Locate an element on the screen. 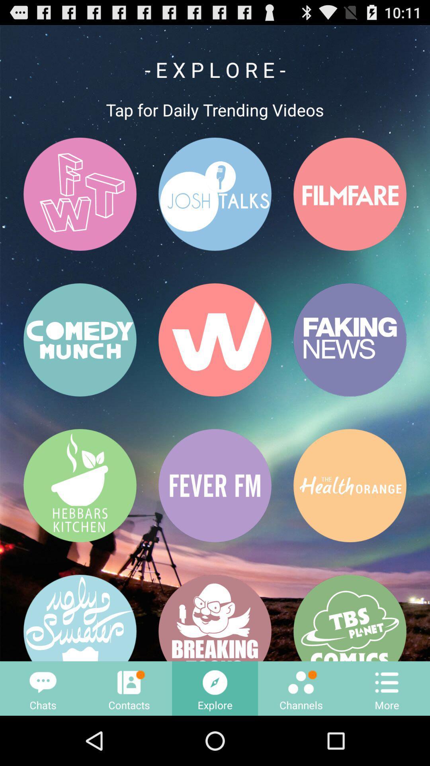 This screenshot has width=430, height=766. the button that having a text fever fm is located at coordinates (215, 485).